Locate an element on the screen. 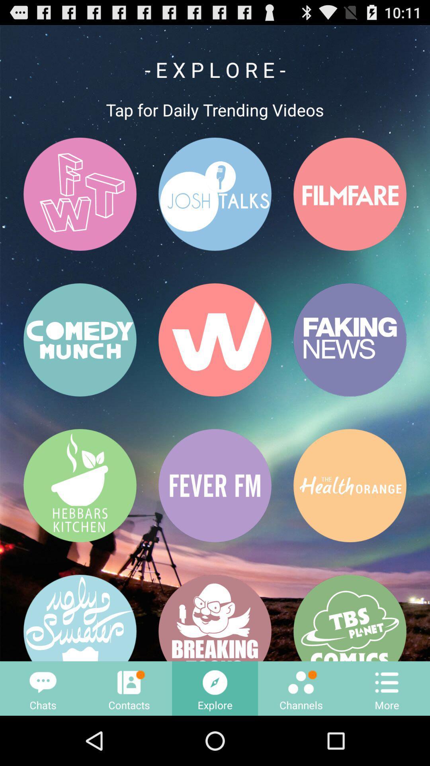 This screenshot has width=430, height=766. the button that having a text fever fm is located at coordinates (215, 485).